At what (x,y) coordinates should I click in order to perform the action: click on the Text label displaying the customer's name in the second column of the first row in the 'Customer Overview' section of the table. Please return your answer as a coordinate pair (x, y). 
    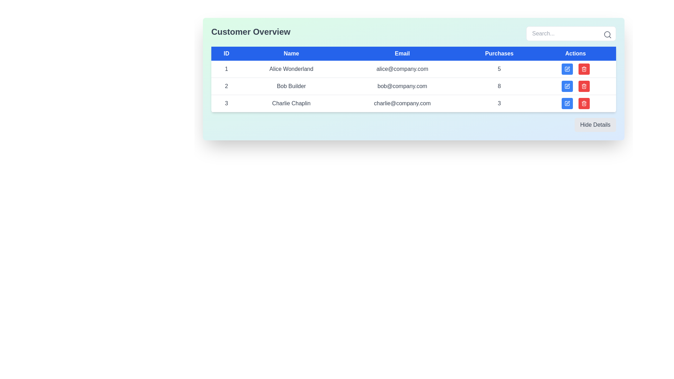
    Looking at the image, I should click on (291, 69).